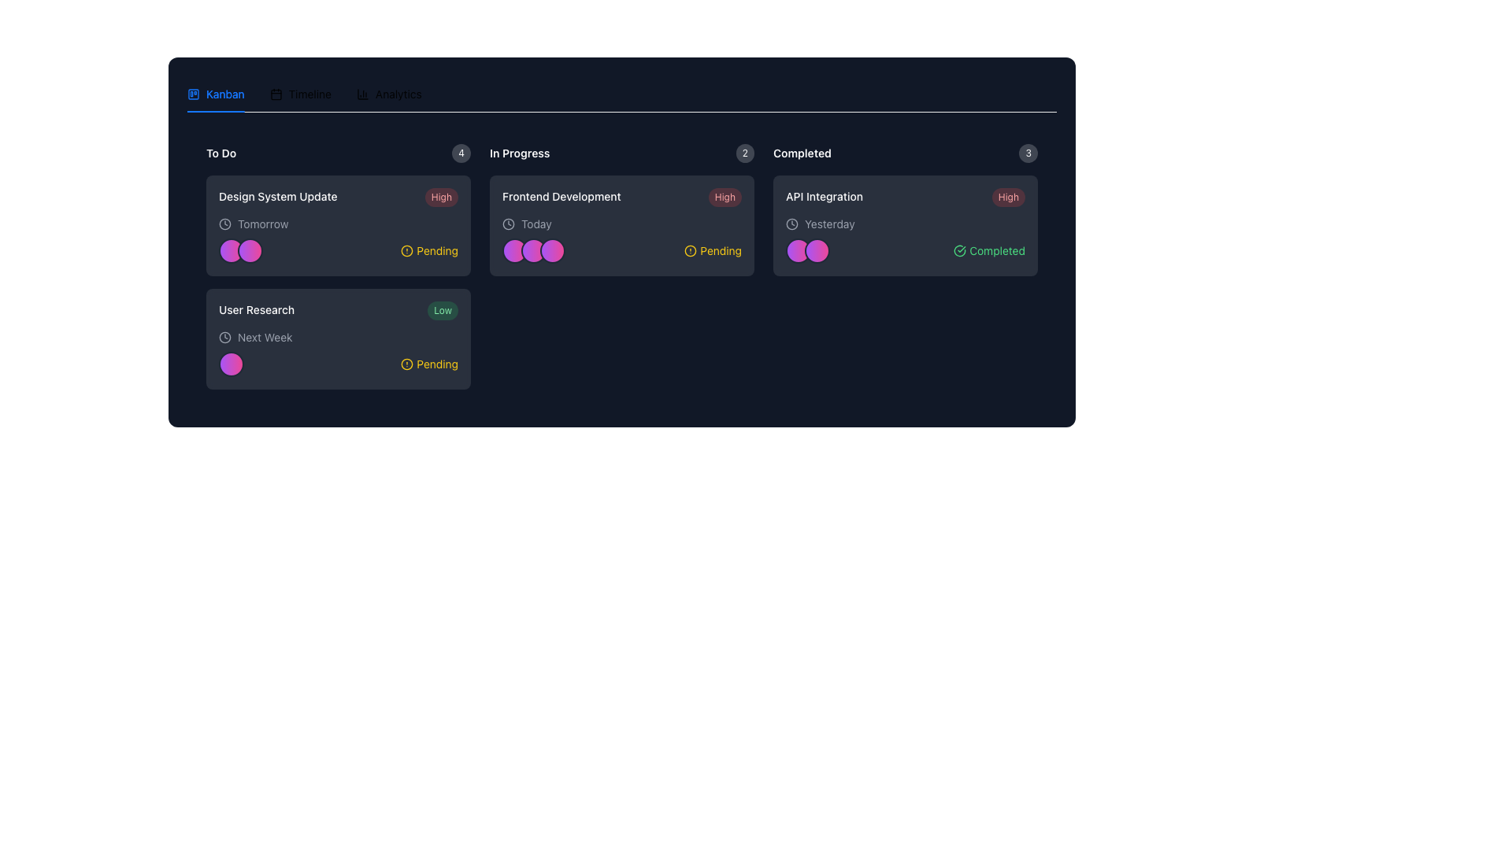 The image size is (1512, 850). What do you see at coordinates (230, 364) in the screenshot?
I see `the decorative graphical element located in the bottom-left corner of the 'User Research' card within the 'To Do' section` at bounding box center [230, 364].